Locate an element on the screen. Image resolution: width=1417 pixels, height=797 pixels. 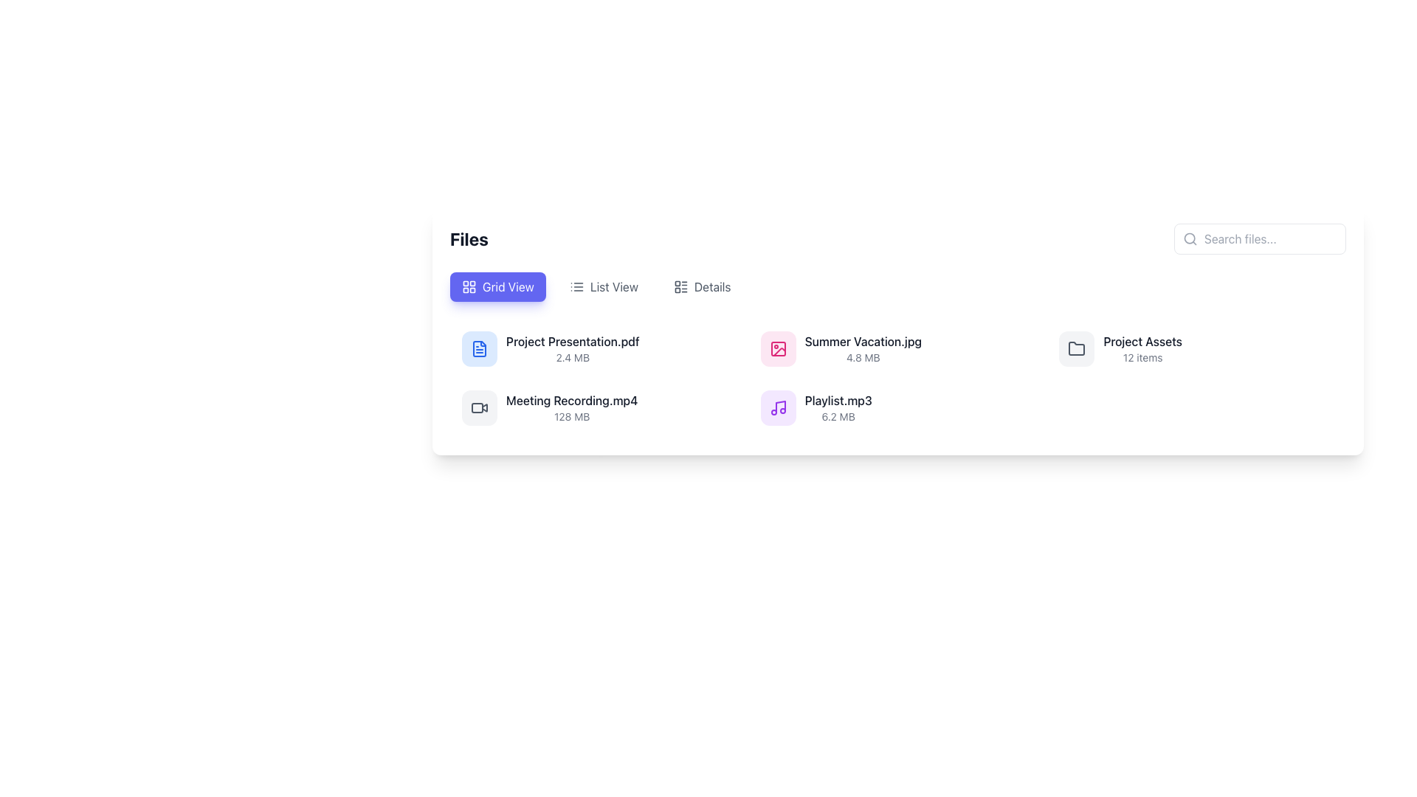
the Interactive Button is located at coordinates (603, 287).